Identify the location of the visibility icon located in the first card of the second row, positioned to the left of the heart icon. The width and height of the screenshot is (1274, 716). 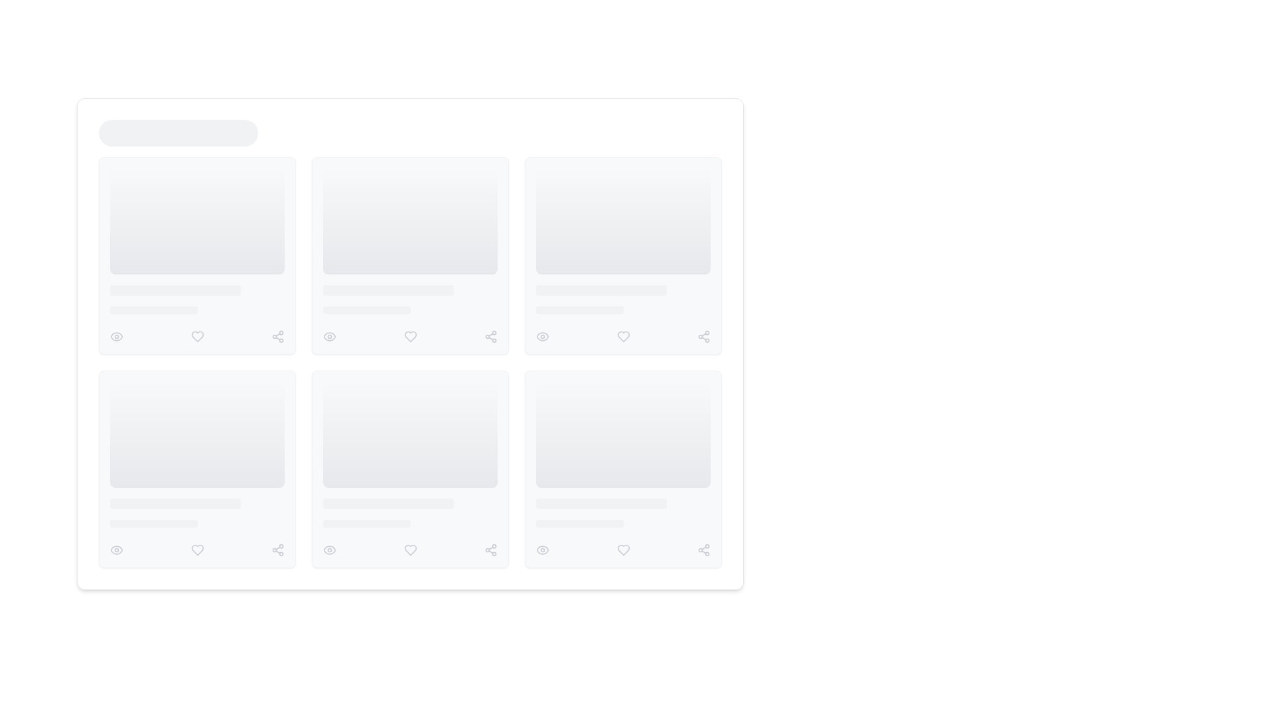
(330, 336).